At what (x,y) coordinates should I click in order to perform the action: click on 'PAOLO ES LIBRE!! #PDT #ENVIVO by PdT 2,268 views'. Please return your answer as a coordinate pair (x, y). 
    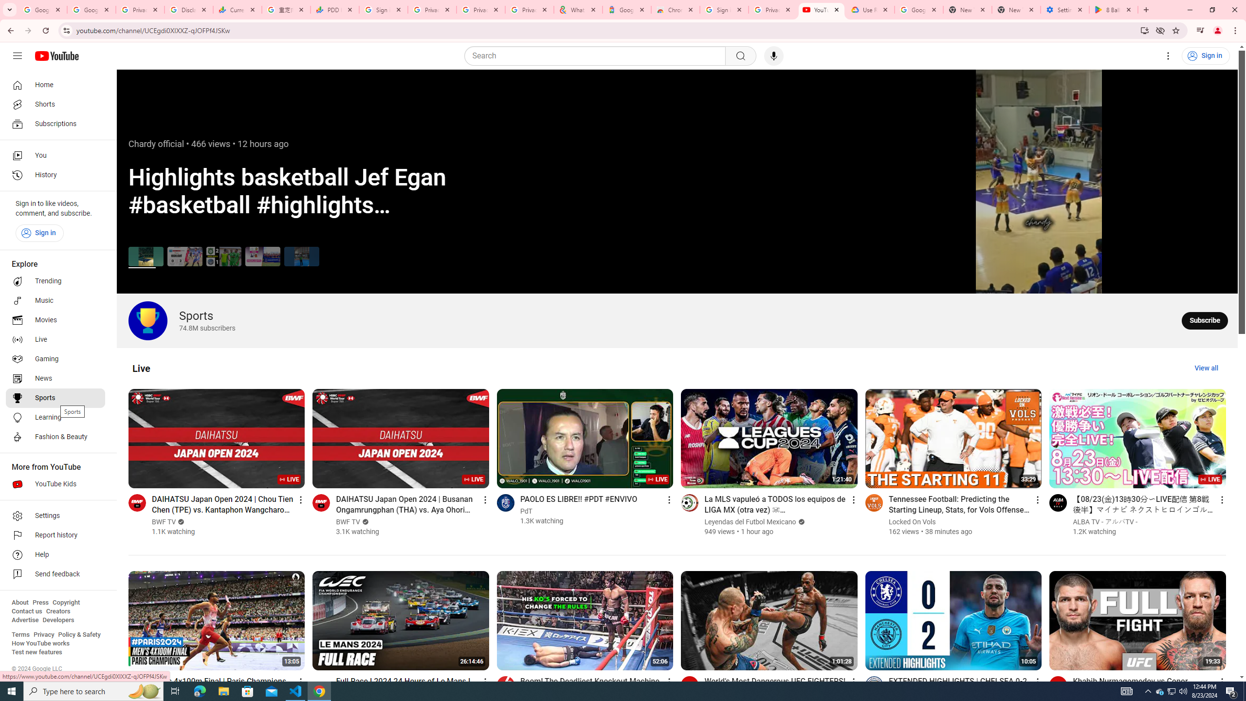
    Looking at the image, I should click on (579, 499).